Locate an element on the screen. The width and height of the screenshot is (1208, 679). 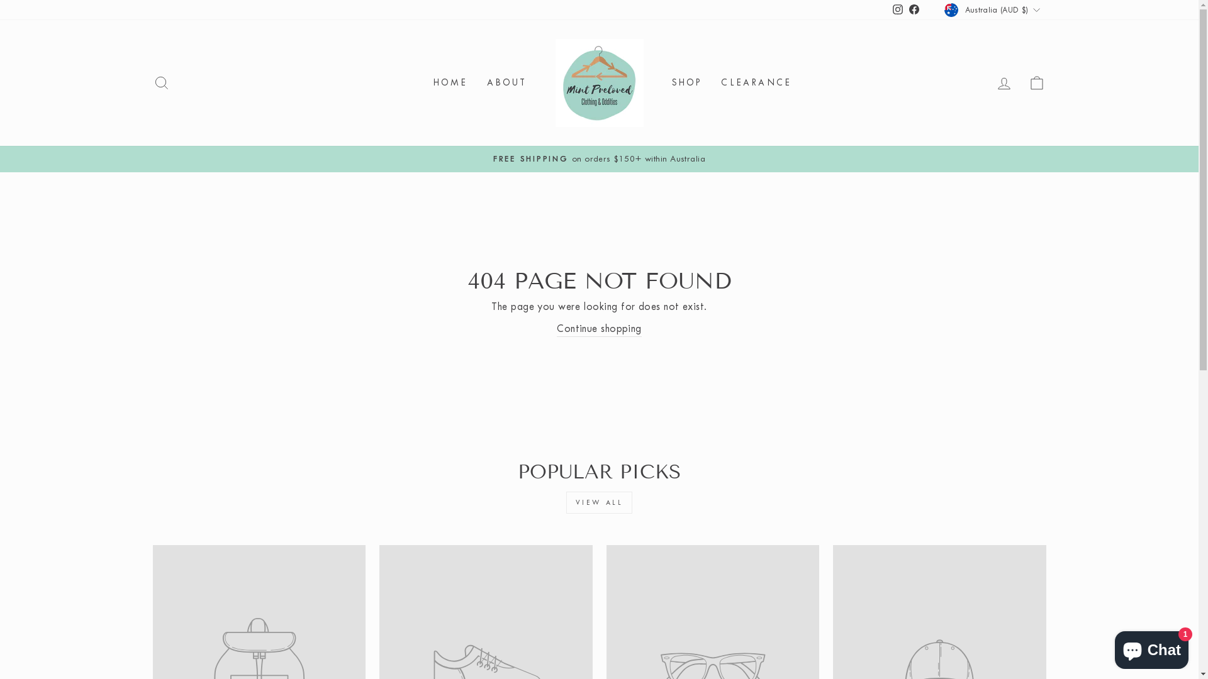
'CART' is located at coordinates (1036, 83).